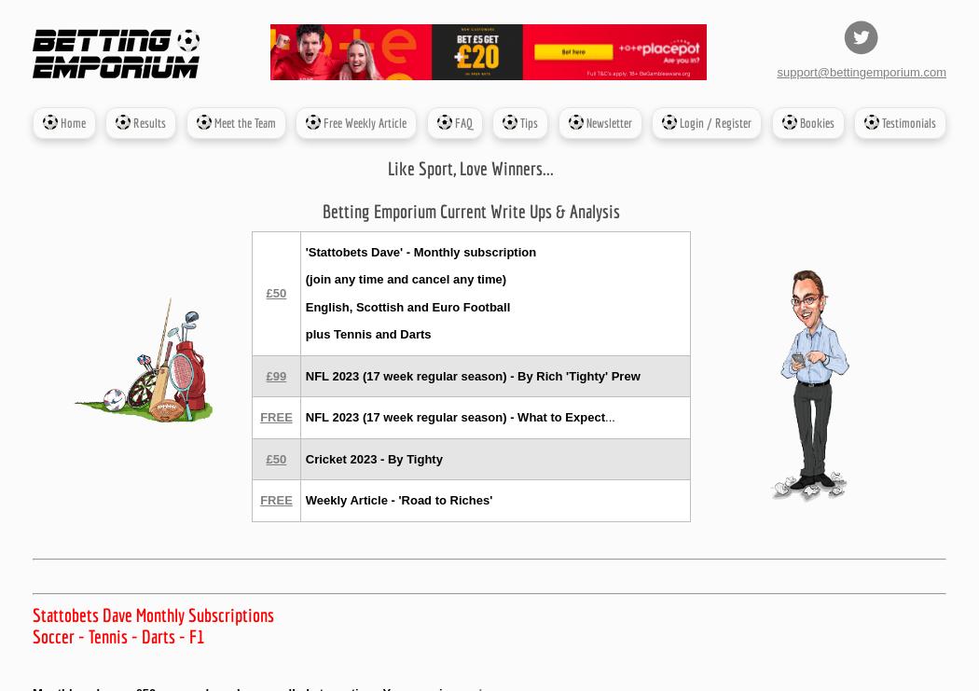 The image size is (979, 691). What do you see at coordinates (462, 121) in the screenshot?
I see `'FAQ'` at bounding box center [462, 121].